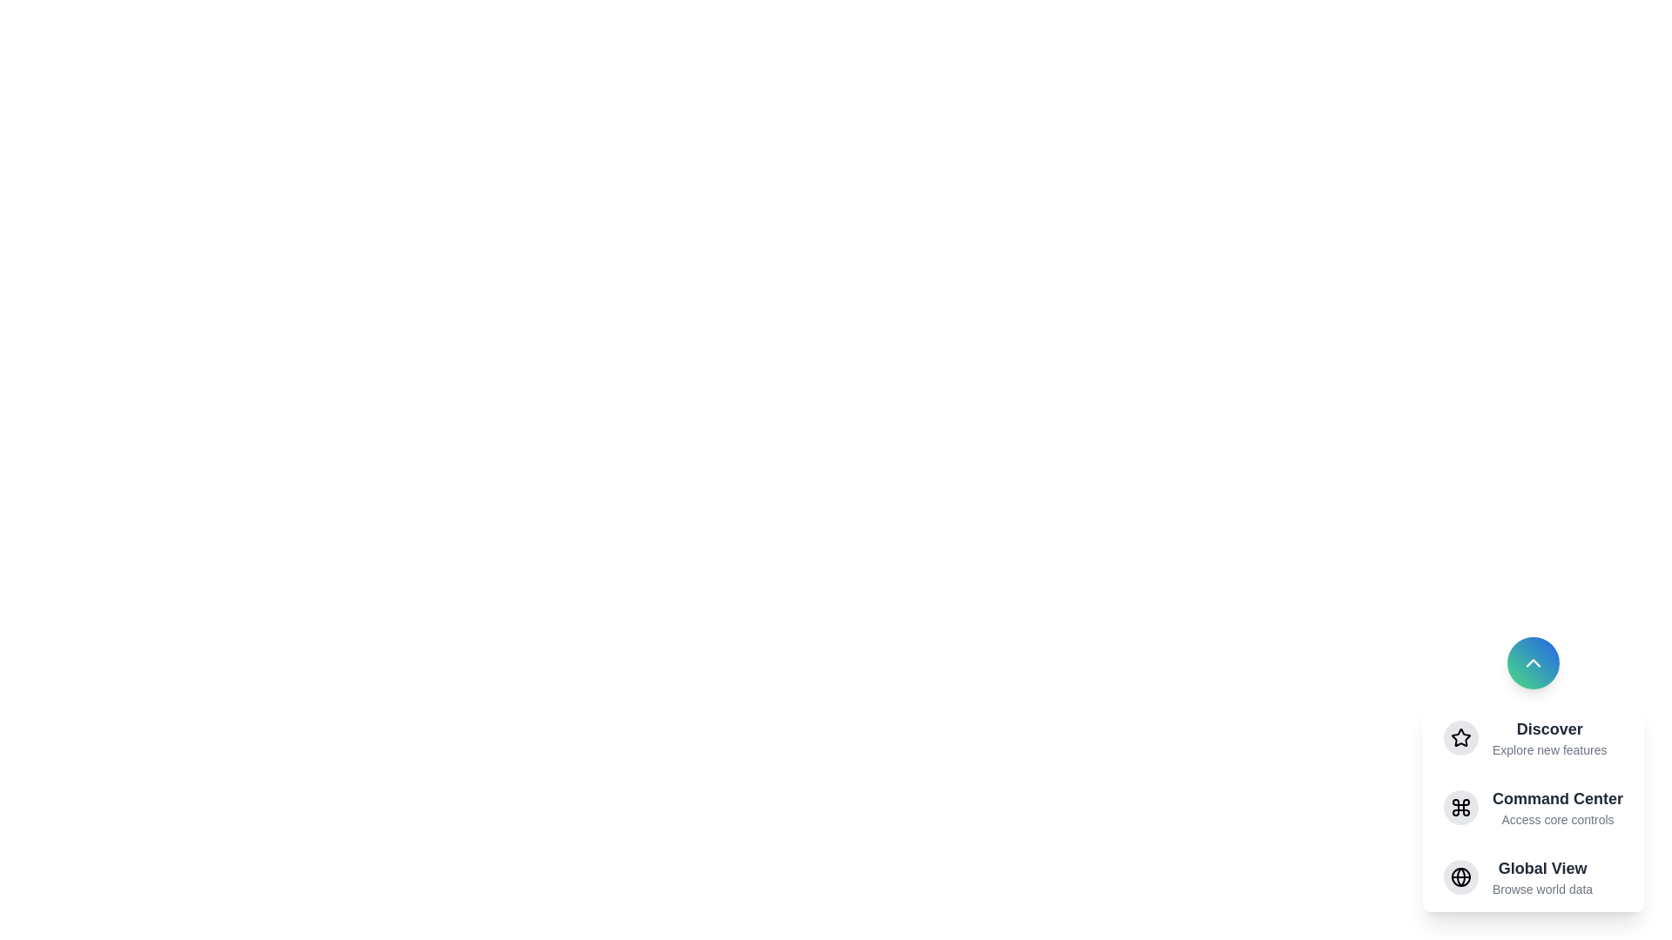 This screenshot has height=940, width=1672. What do you see at coordinates (1534, 876) in the screenshot?
I see `the menu item Global View to observe its hover effect` at bounding box center [1534, 876].